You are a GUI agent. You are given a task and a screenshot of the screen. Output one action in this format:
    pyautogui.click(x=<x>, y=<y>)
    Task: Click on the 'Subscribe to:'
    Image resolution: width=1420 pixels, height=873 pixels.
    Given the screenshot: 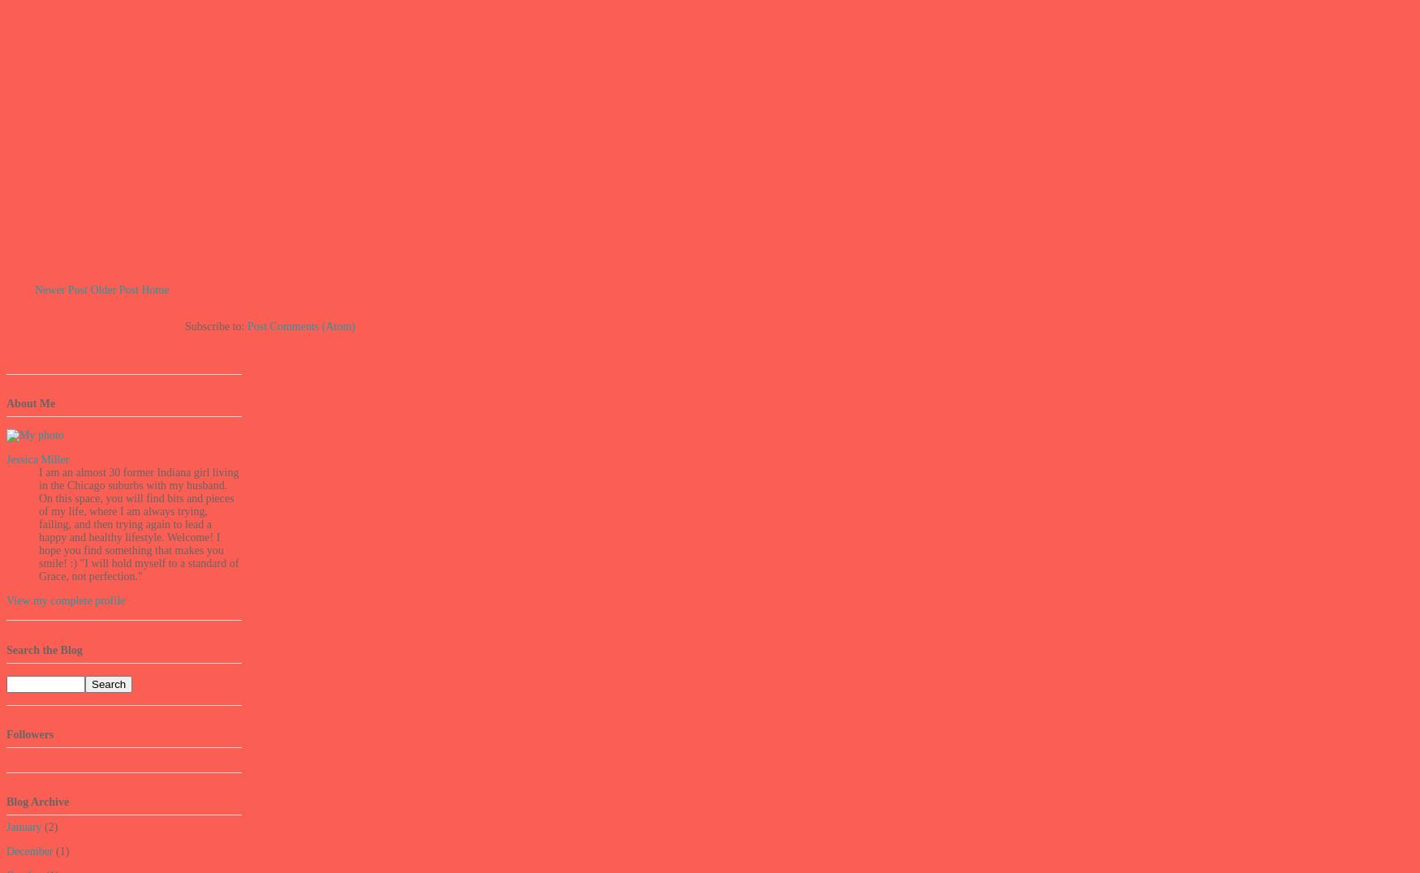 What is the action you would take?
    pyautogui.click(x=183, y=325)
    